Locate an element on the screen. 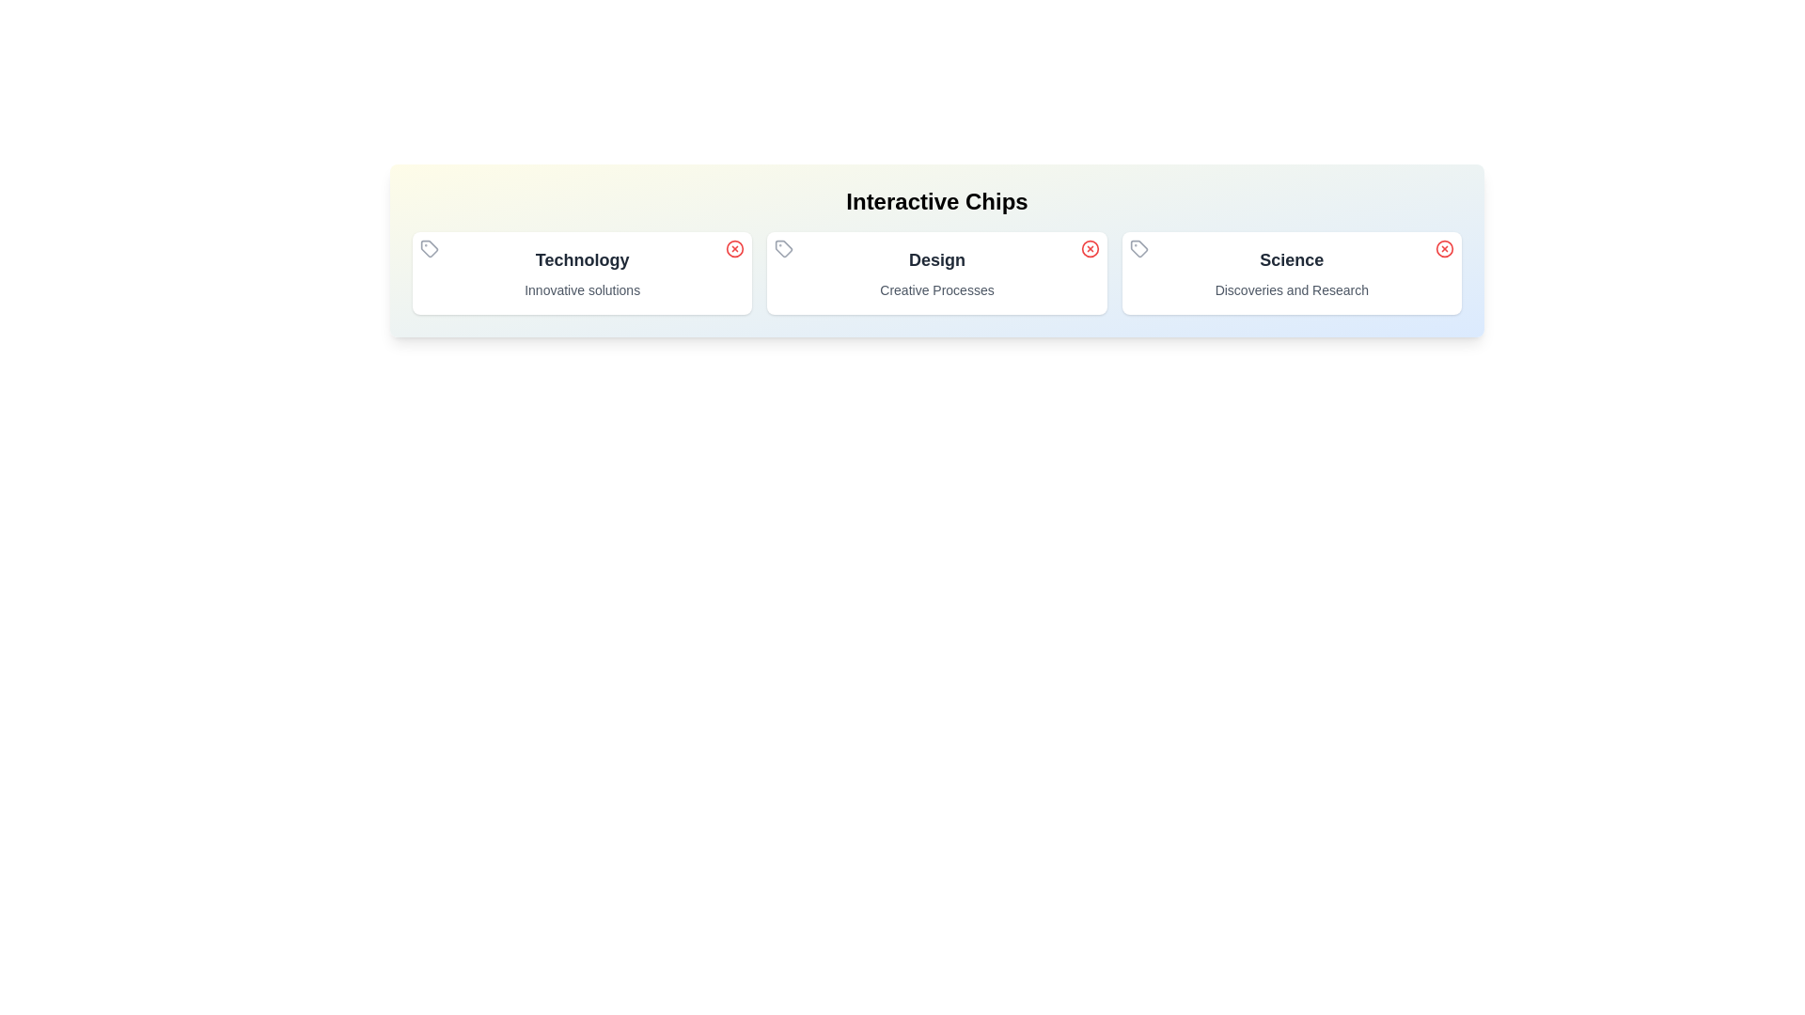  the icon of the chip labeled Design is located at coordinates (784, 248).